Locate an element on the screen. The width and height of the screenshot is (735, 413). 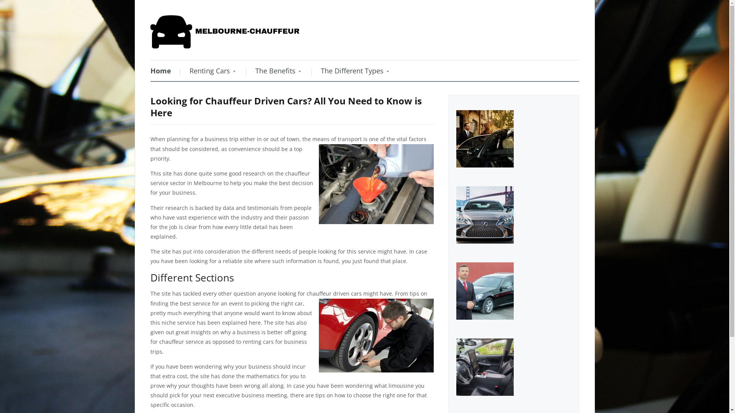
'Home' is located at coordinates (150, 71).